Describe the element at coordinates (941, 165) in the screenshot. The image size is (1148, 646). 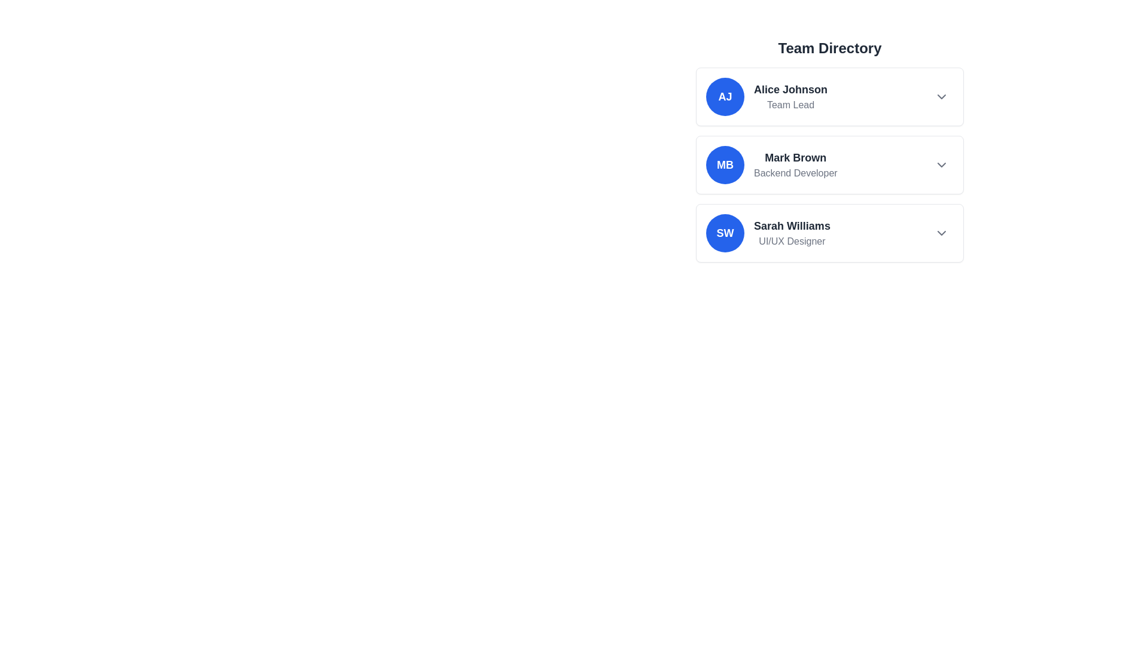
I see `the Dropdown indicator or toggle button for 'Mark Brown - Backend Developer'` at that location.